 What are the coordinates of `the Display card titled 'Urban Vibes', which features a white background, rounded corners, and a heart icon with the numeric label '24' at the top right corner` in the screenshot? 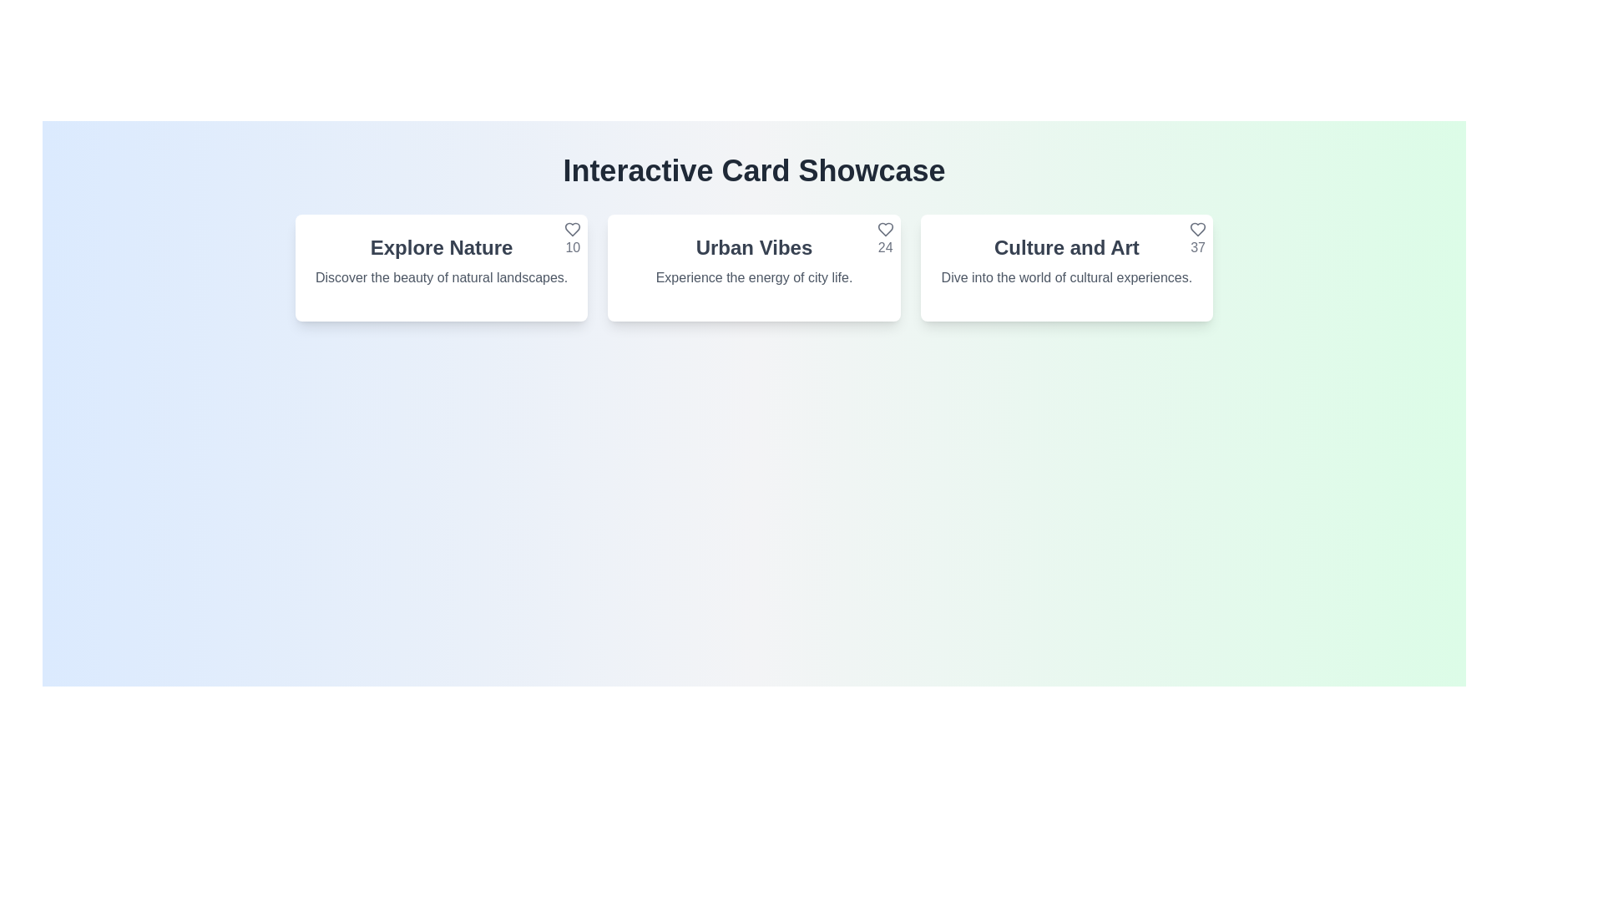 It's located at (753, 266).